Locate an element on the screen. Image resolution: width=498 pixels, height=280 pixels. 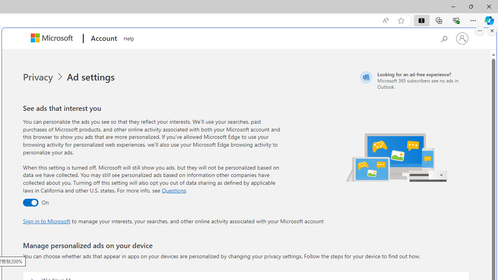
'Microsoft' is located at coordinates (53, 38).